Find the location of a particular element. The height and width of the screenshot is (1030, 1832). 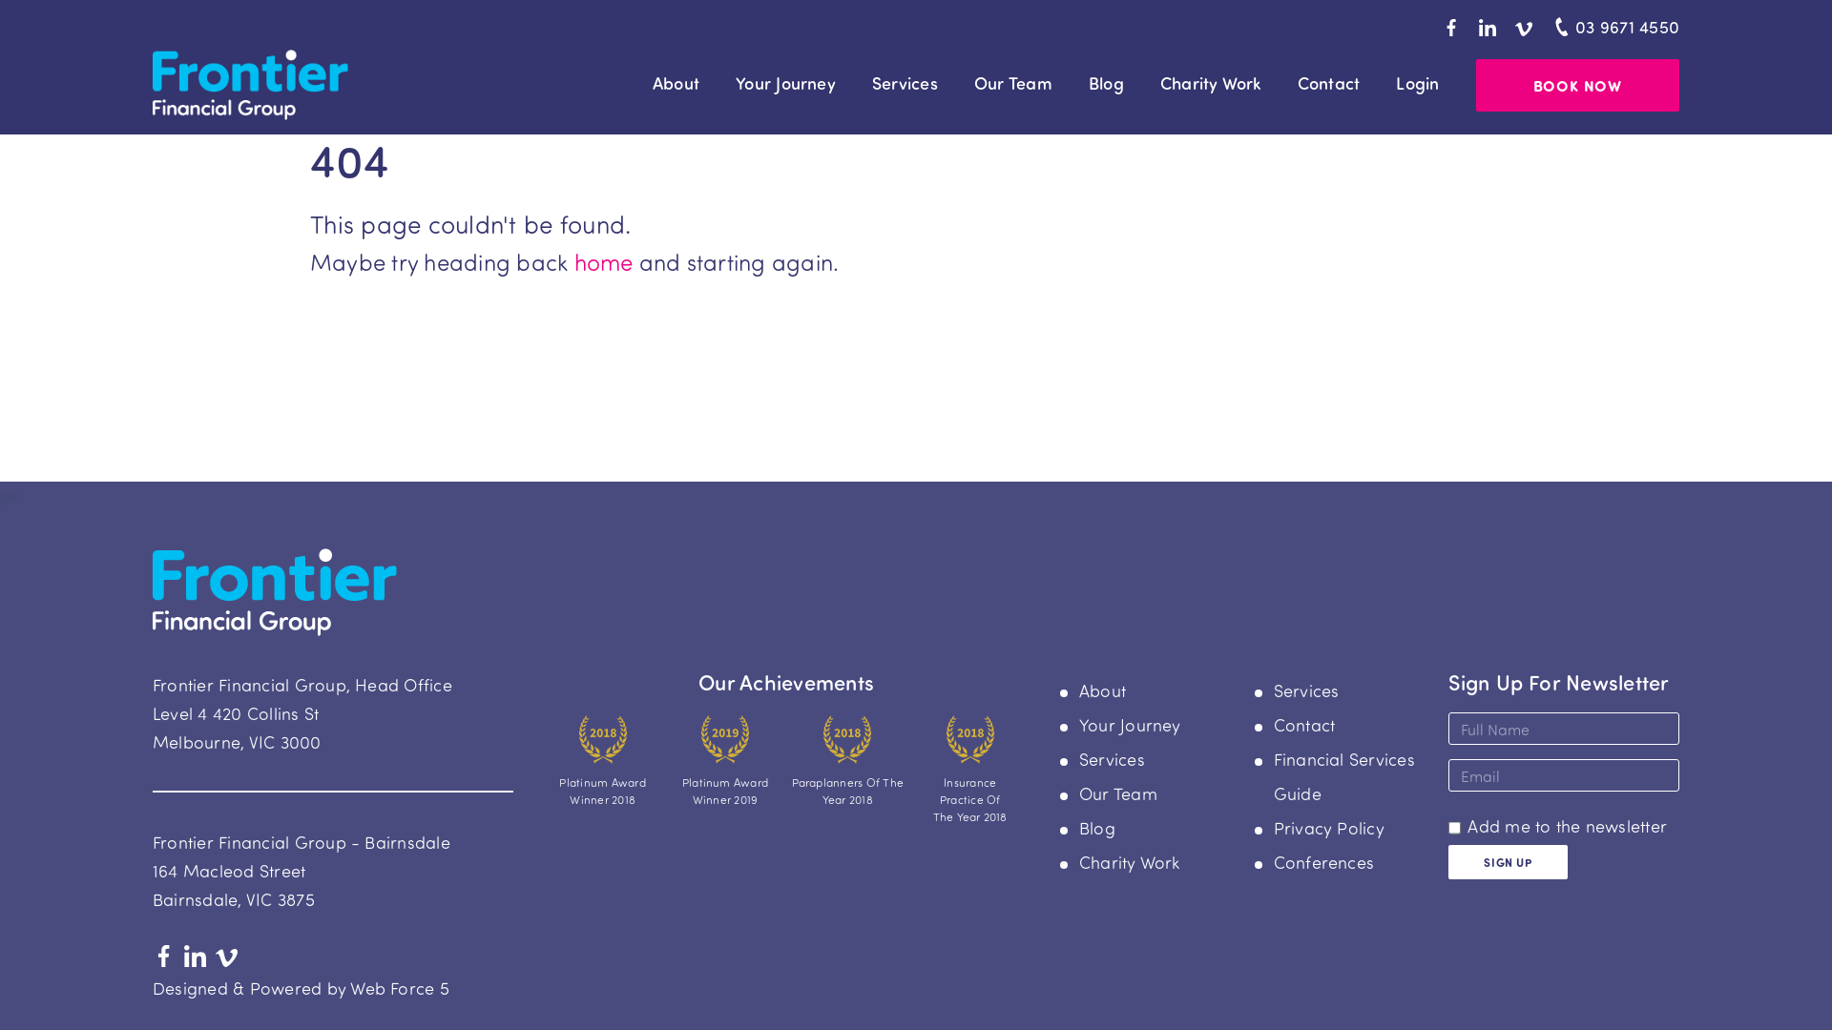

'Designed & Powered by Web Force 5' is located at coordinates (300, 987).